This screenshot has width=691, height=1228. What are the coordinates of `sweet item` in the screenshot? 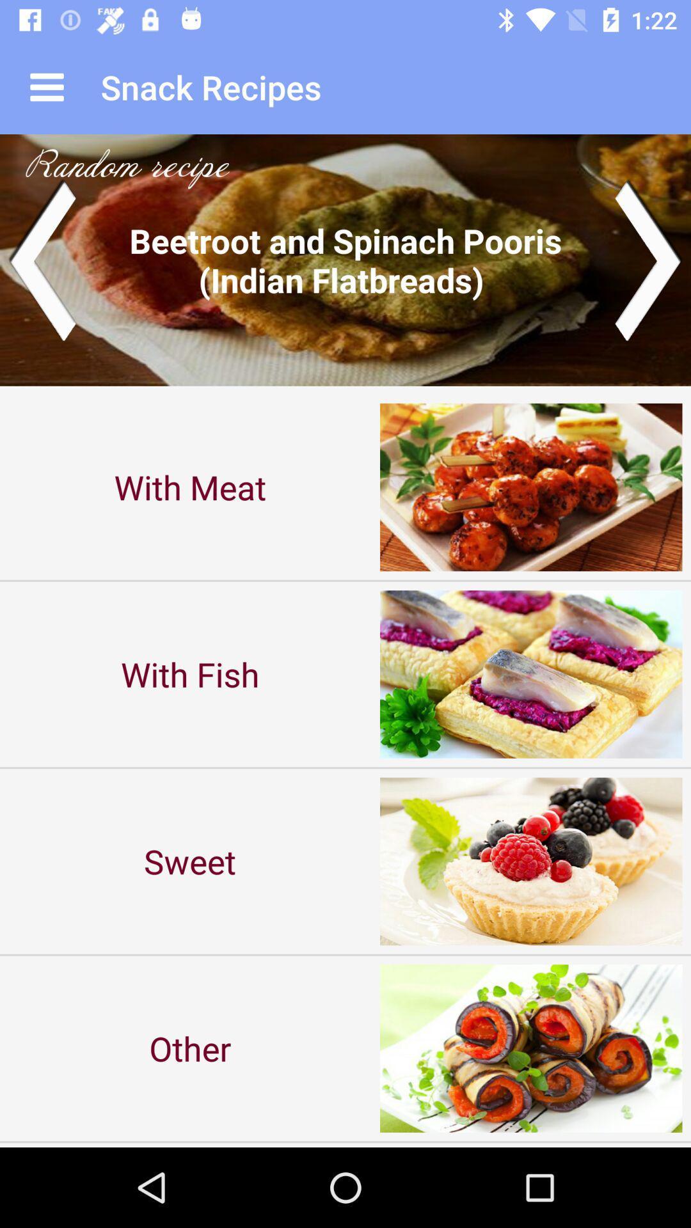 It's located at (190, 861).